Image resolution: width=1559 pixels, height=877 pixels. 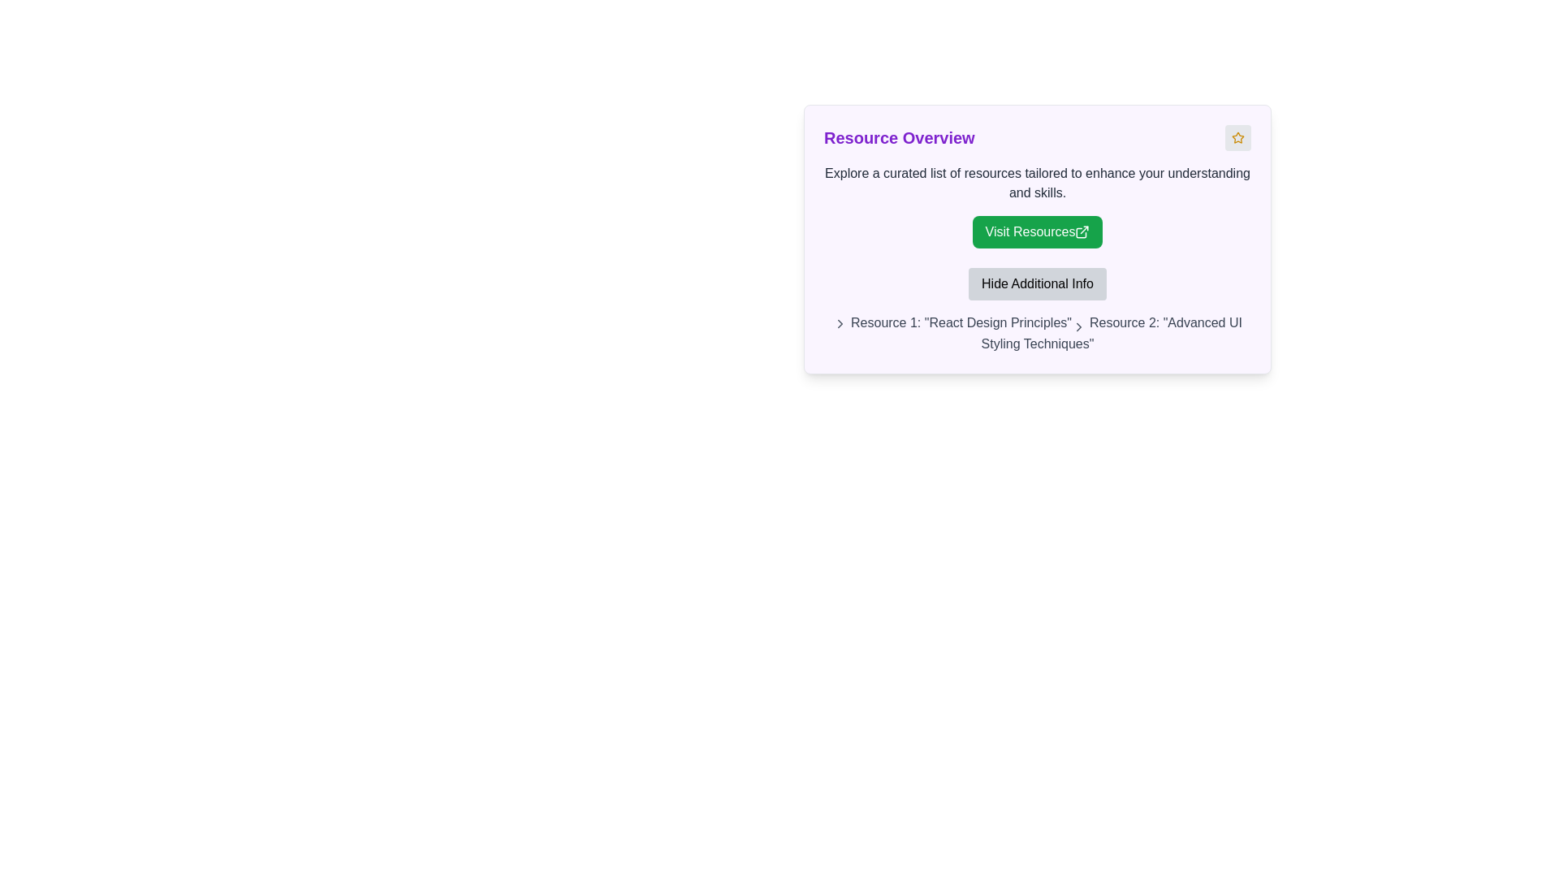 What do you see at coordinates (1036, 205) in the screenshot?
I see `the external link icon located in the 'Resource Overview' section, which provides information about resources and offers navigation to the resources page` at bounding box center [1036, 205].